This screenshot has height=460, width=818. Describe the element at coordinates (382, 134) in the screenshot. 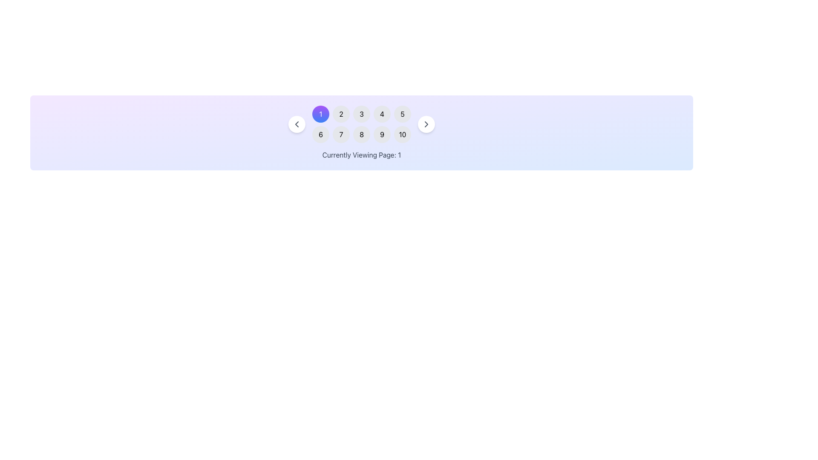

I see `the navigation button that represents the ninth page in a grid of navigation buttons` at that location.